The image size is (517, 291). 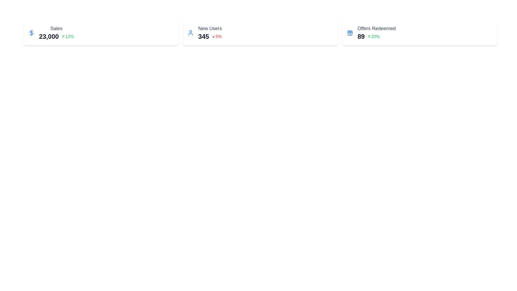 What do you see at coordinates (218, 36) in the screenshot?
I see `the text label indicating a percentage value, which is located on the right side of a small arrow icon in the 'New Users' section` at bounding box center [218, 36].